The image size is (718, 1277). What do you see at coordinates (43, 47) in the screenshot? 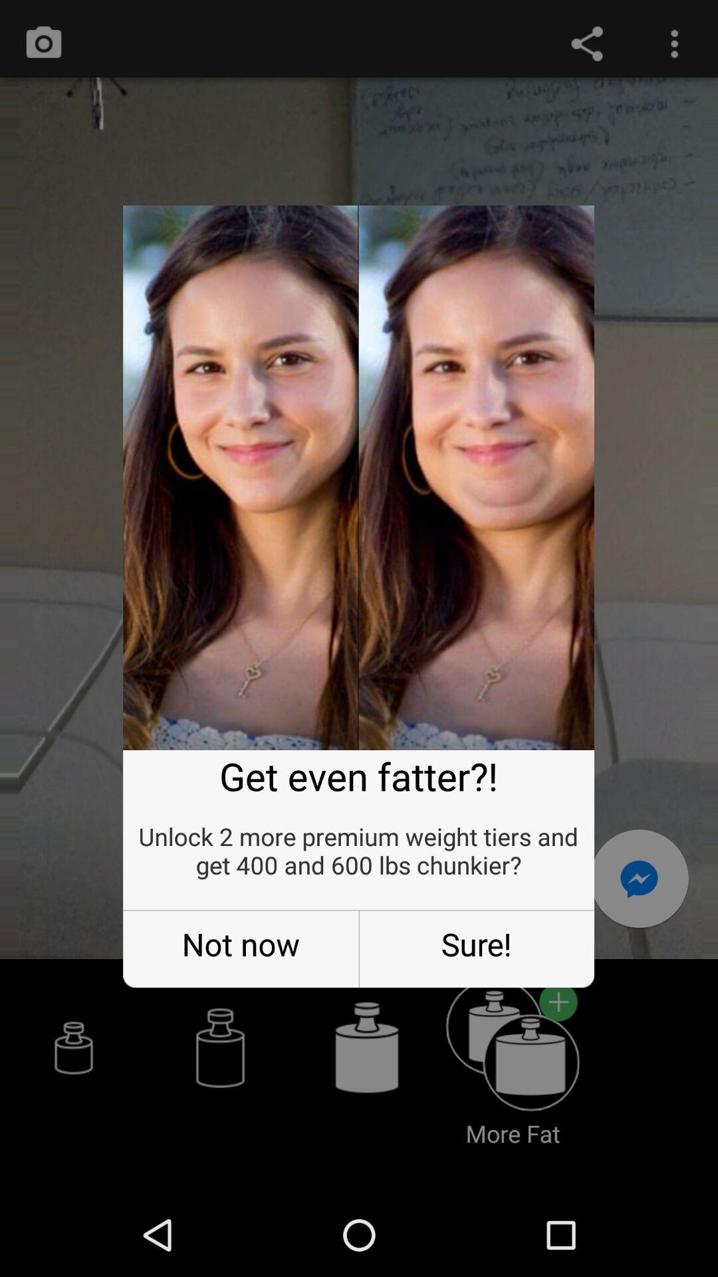
I see `the photo icon` at bounding box center [43, 47].